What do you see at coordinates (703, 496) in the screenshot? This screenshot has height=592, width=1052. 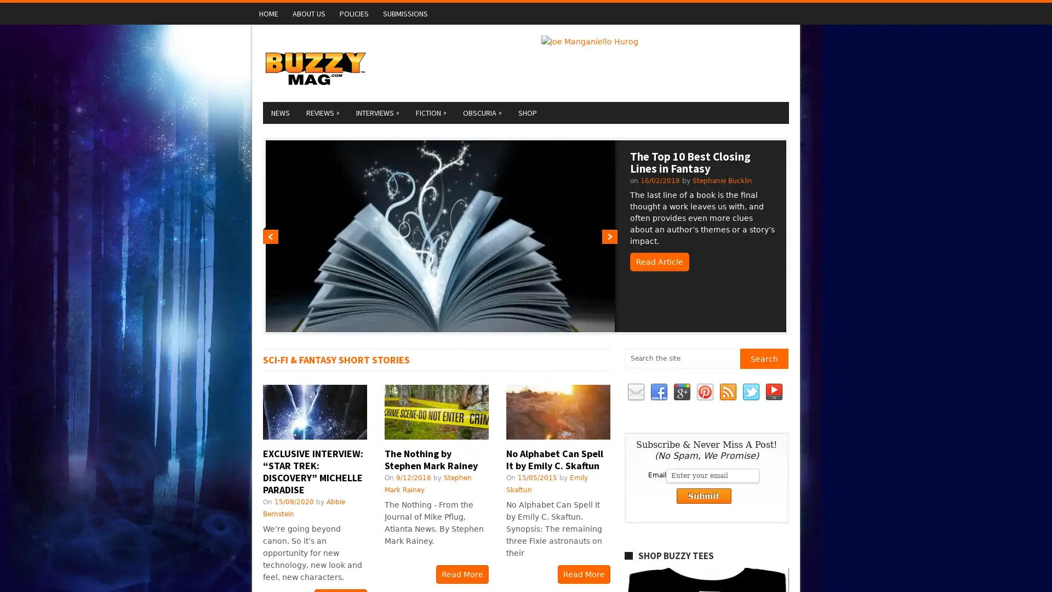 I see `Submit` at bounding box center [703, 496].